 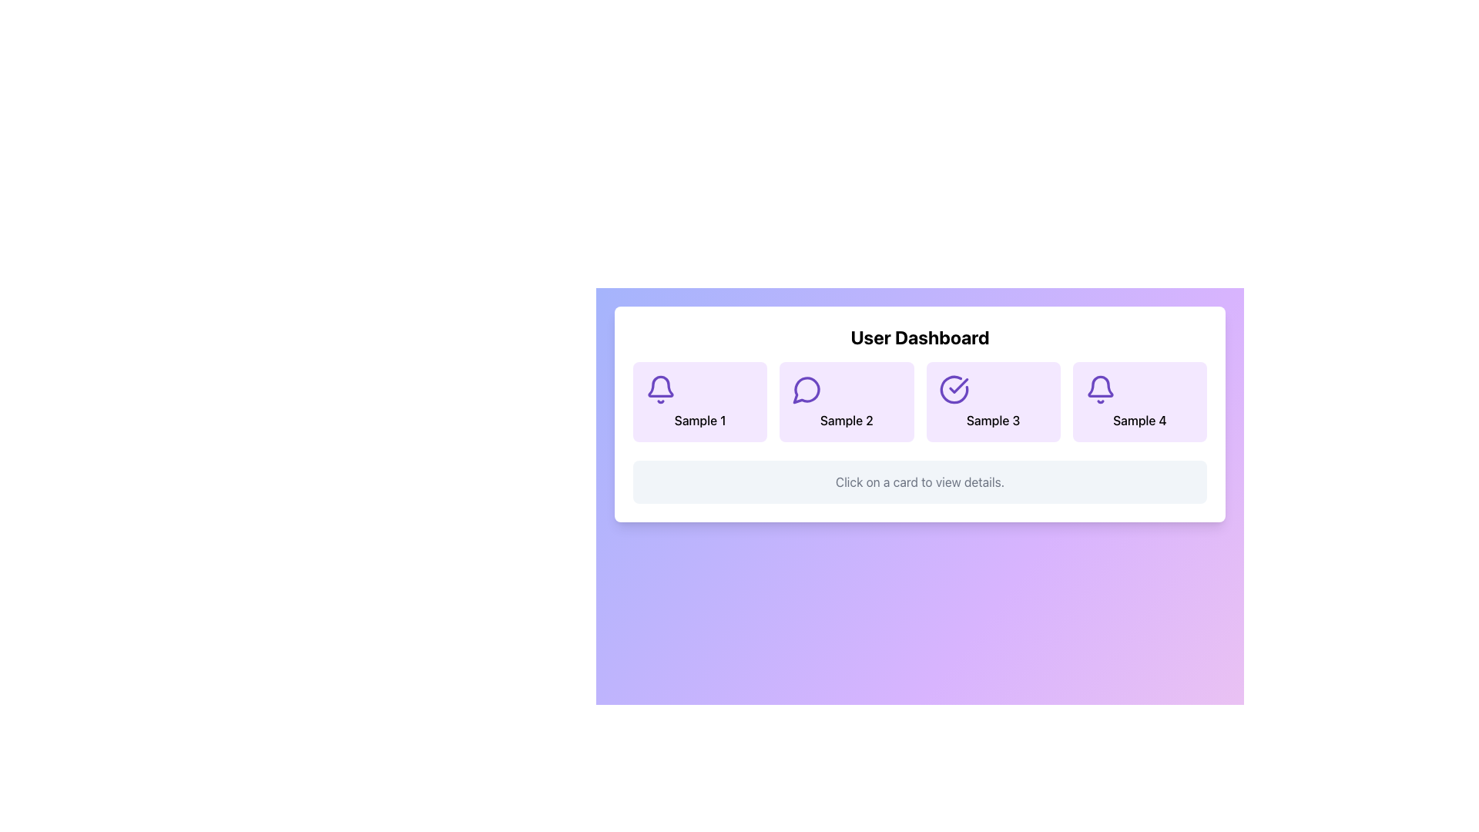 What do you see at coordinates (661, 388) in the screenshot?
I see `the bell icon with a purple border located at the top-left of the 'Sample 1' card in the dashboard interface` at bounding box center [661, 388].